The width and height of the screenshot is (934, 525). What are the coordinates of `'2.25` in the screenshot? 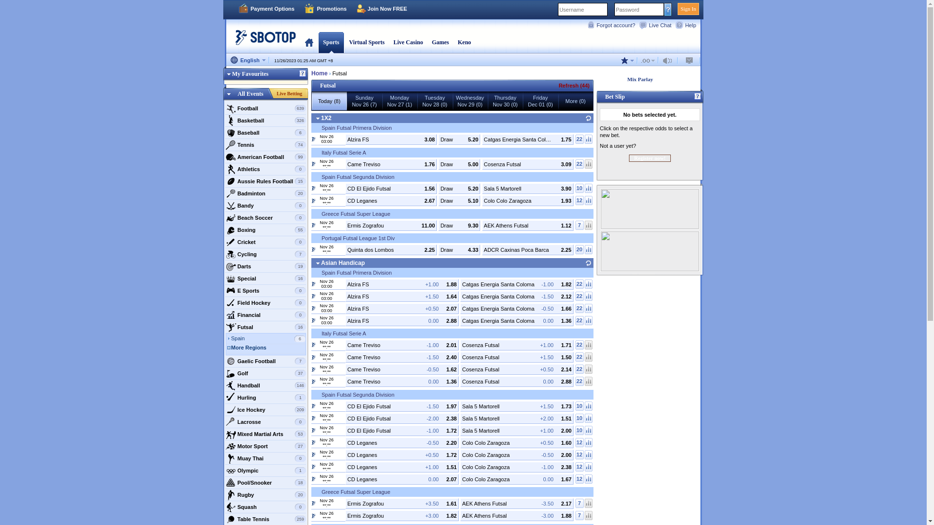 It's located at (482, 249).